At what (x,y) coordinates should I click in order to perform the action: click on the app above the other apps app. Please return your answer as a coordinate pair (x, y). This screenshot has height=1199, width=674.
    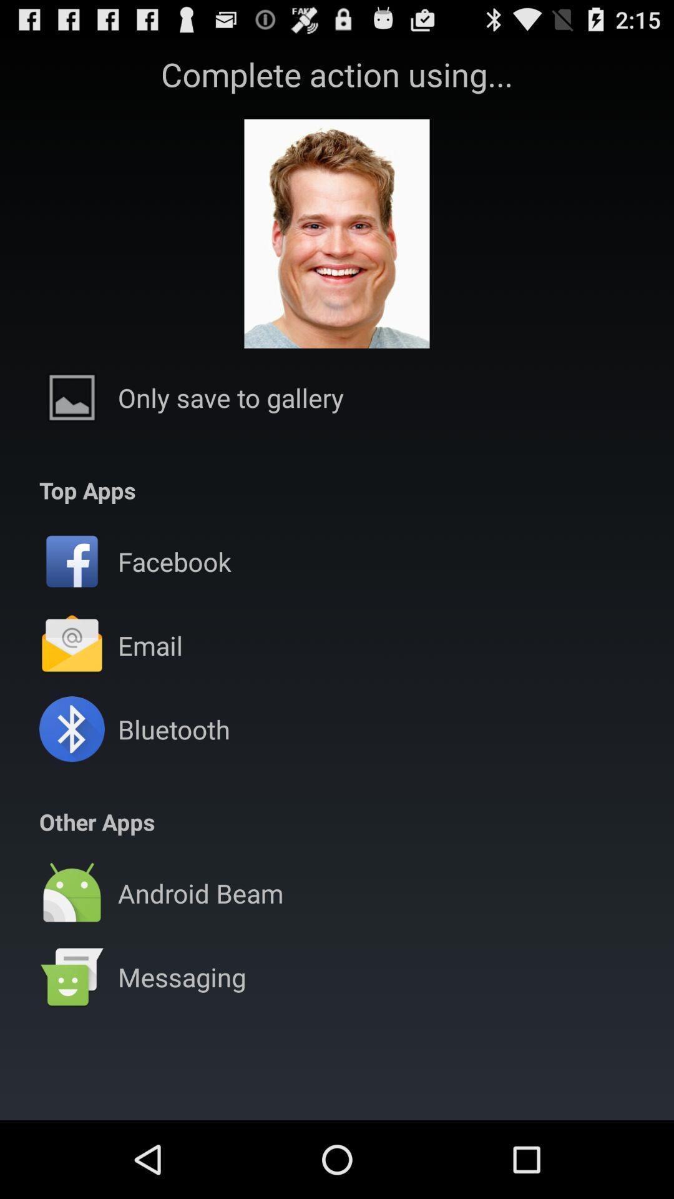
    Looking at the image, I should click on (173, 729).